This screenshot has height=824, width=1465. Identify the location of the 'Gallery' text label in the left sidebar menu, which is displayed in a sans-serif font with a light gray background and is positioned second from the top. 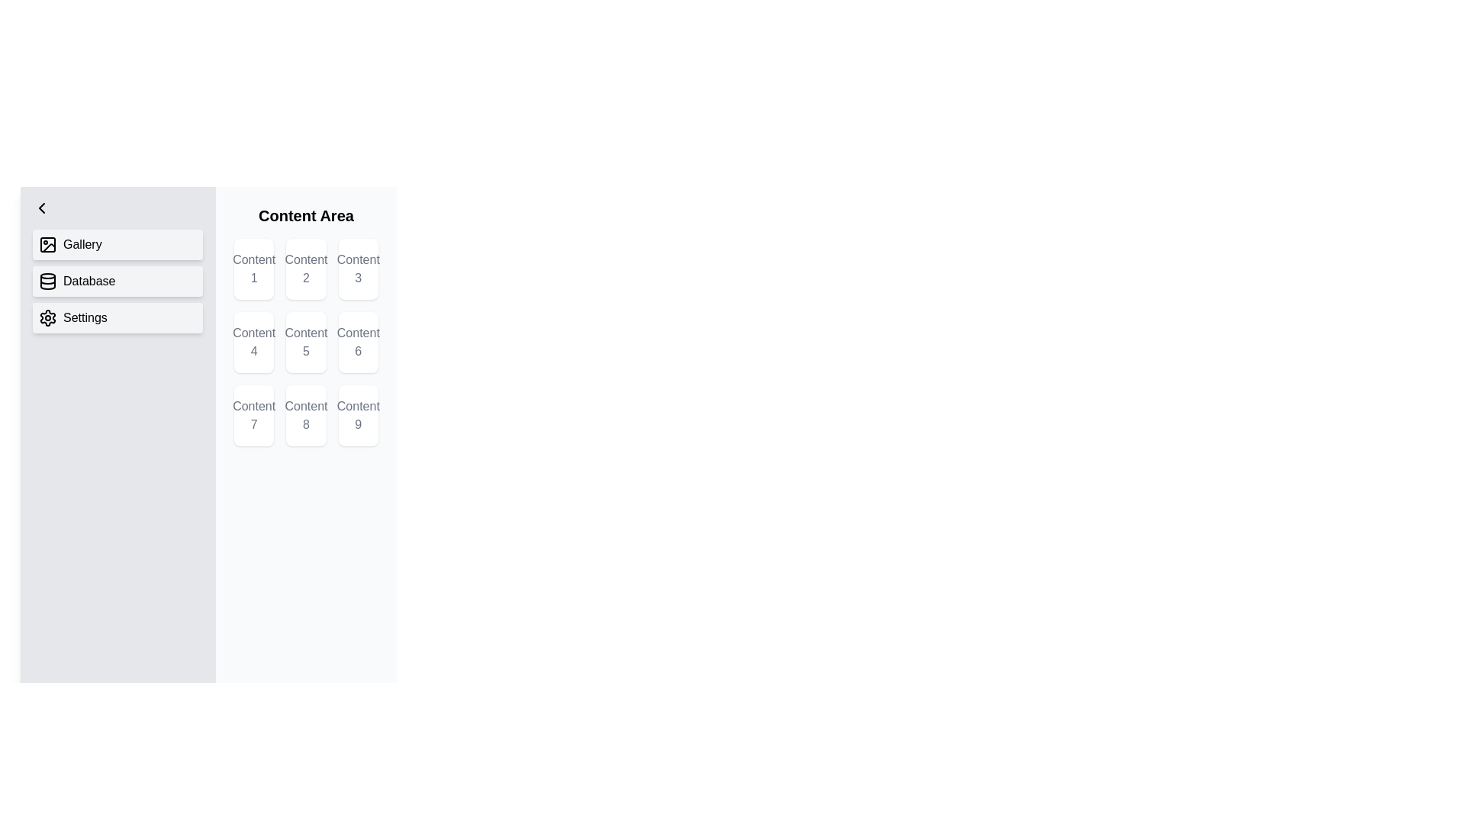
(82, 243).